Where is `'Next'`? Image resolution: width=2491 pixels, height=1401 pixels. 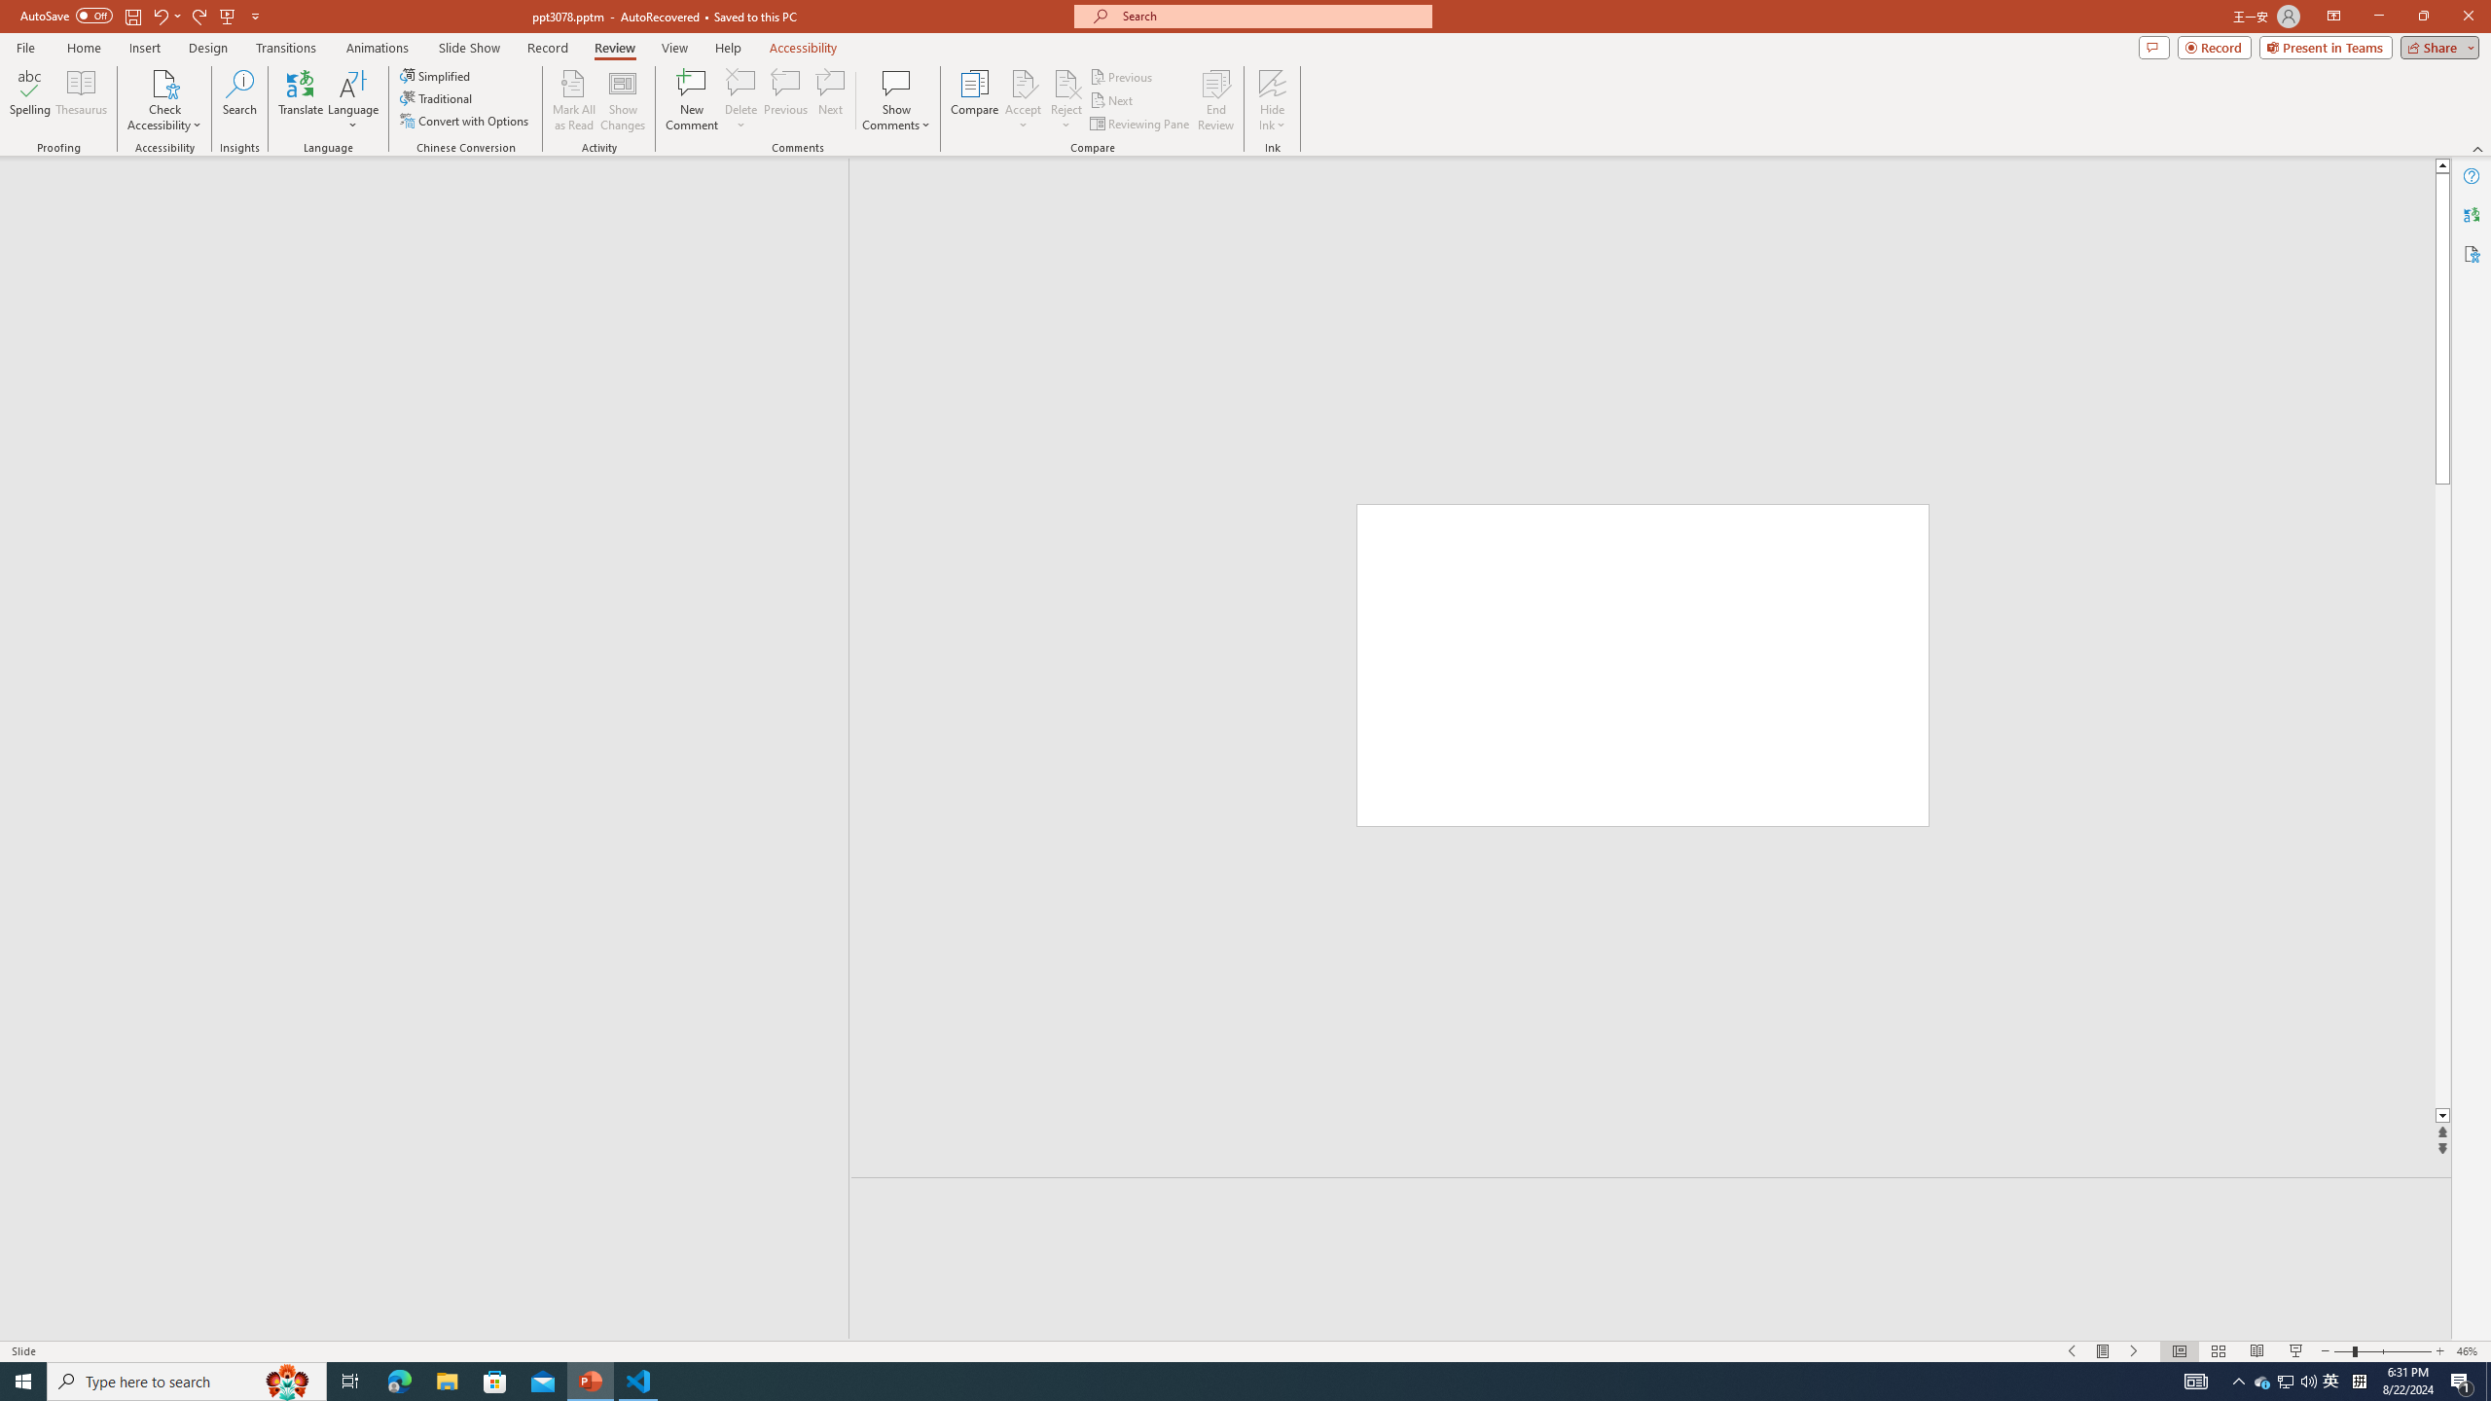
'Next' is located at coordinates (1111, 100).